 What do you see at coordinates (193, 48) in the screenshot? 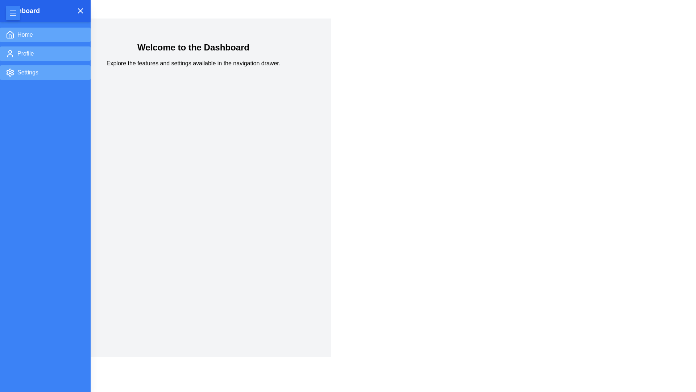
I see `the Text Header that signifies the start of the main dashboard content, located at the top of the main content area` at bounding box center [193, 48].